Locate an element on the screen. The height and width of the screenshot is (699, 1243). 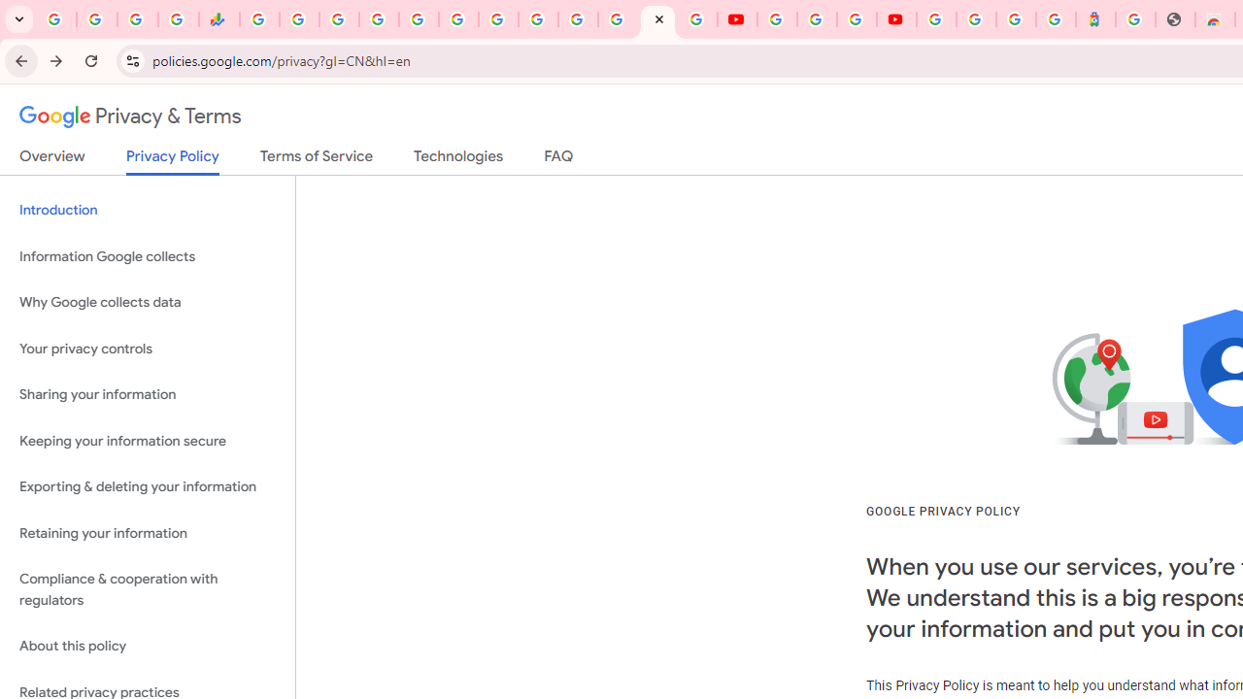
'Google Account Help' is located at coordinates (816, 19).